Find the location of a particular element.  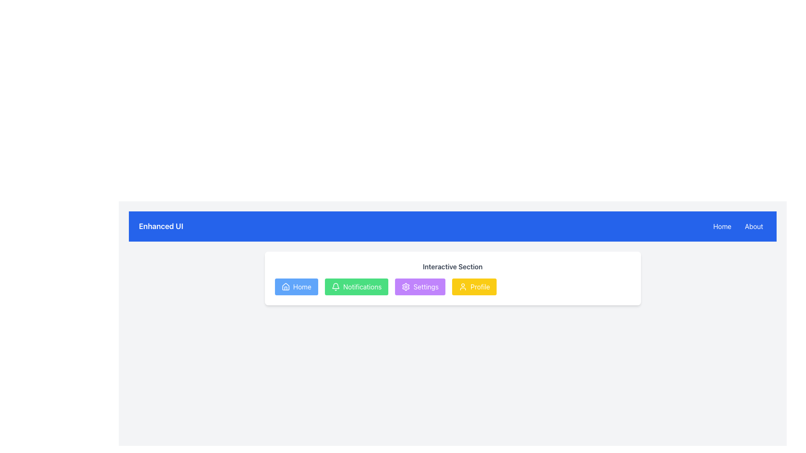

the 'Profile' button represented by a decorative icon within a yellow button located in the lower section of the page, fourth from the left is located at coordinates (463, 286).